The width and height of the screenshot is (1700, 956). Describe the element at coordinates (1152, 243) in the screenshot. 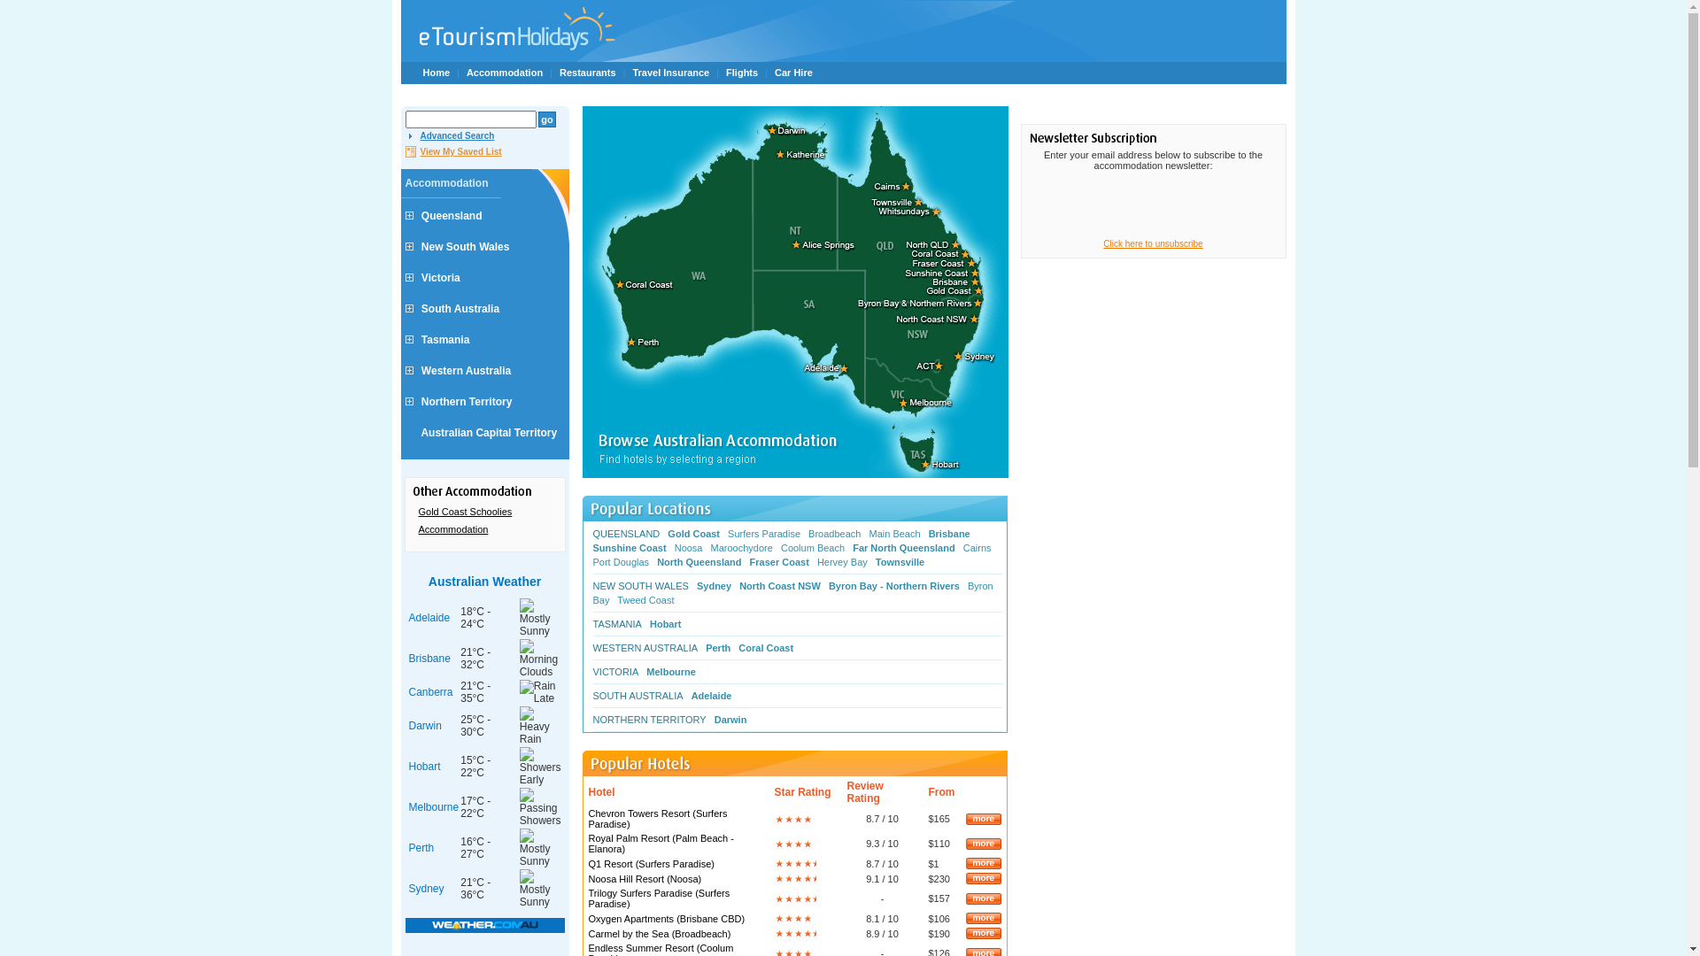

I see `'Click here to unsubscribe'` at that location.